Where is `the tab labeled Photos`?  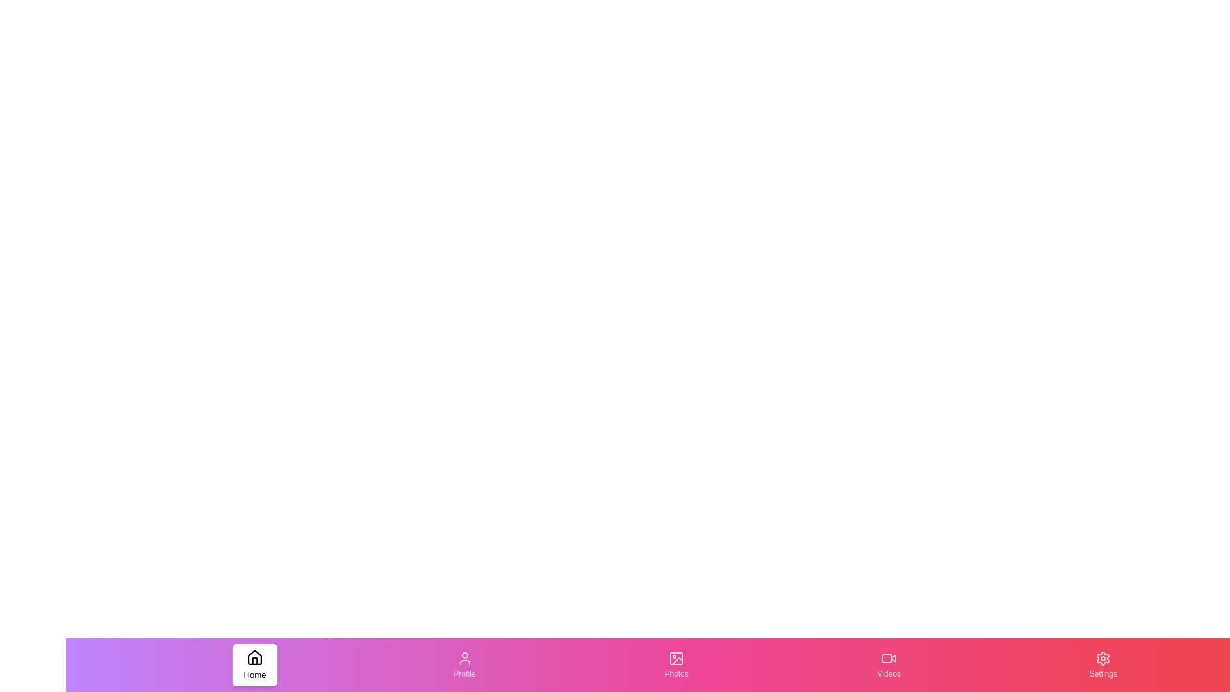 the tab labeled Photos is located at coordinates (676, 664).